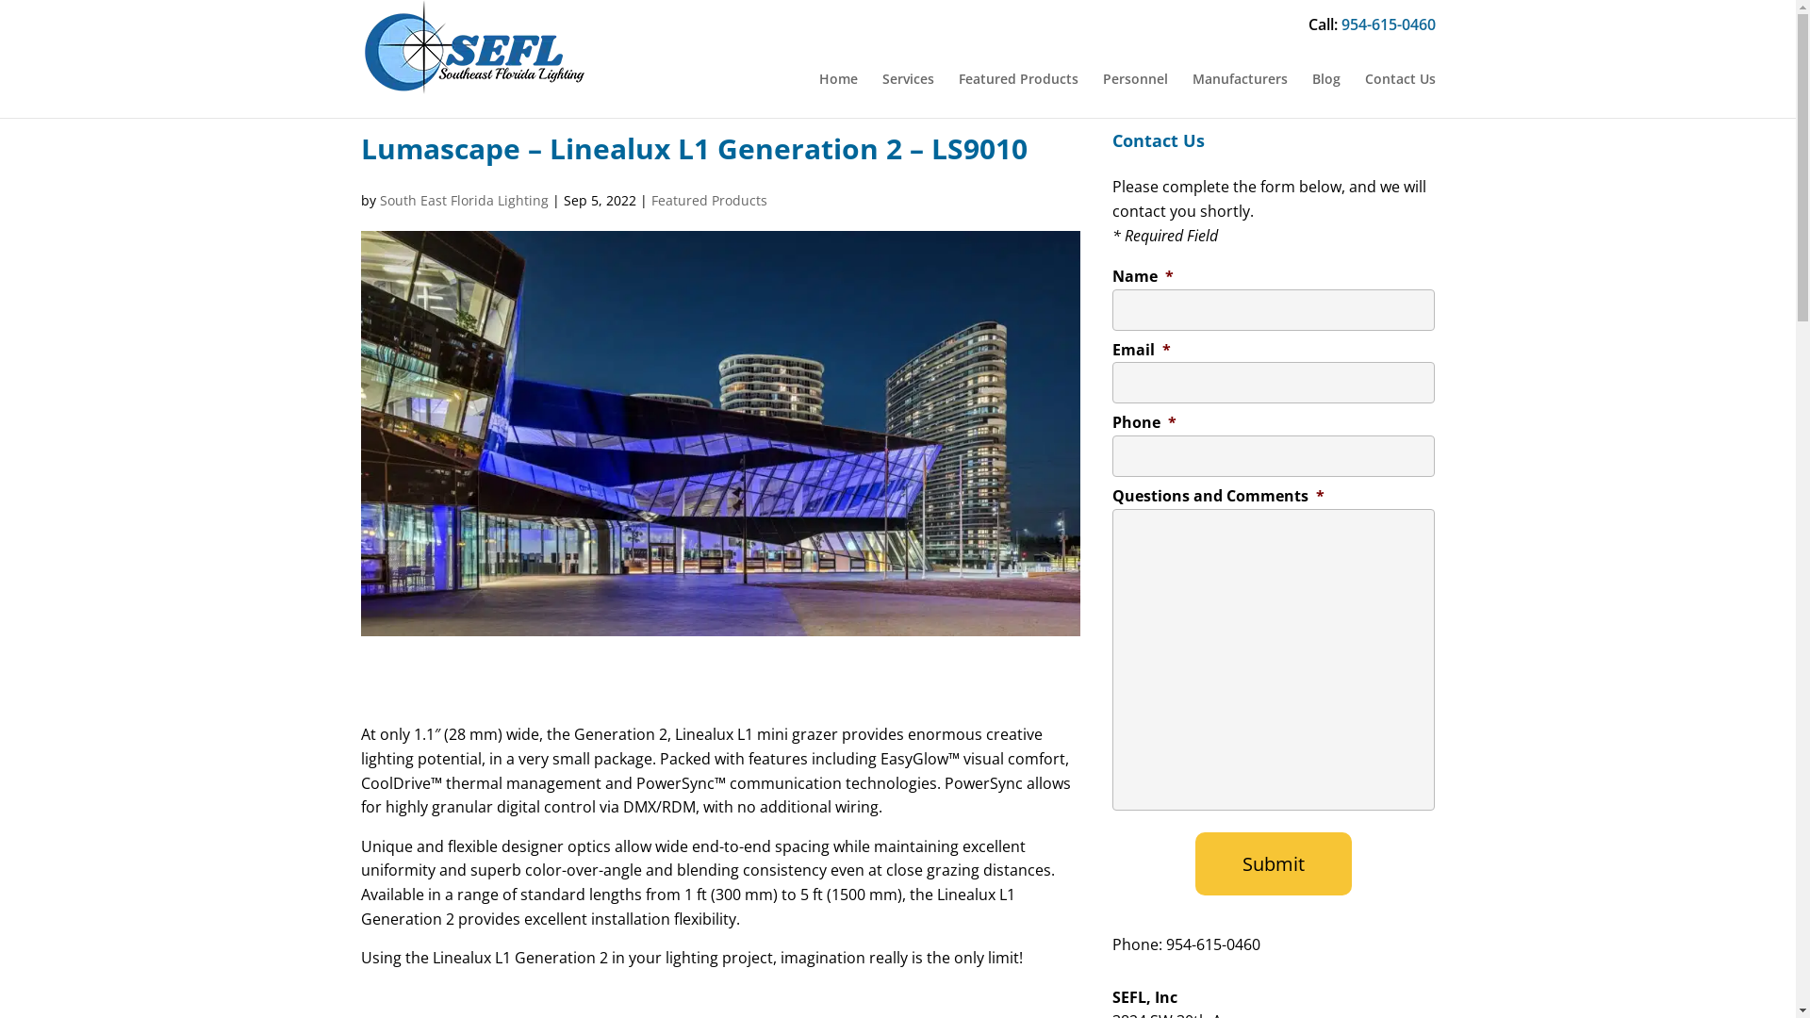  What do you see at coordinates (707, 200) in the screenshot?
I see `'Featured Products'` at bounding box center [707, 200].